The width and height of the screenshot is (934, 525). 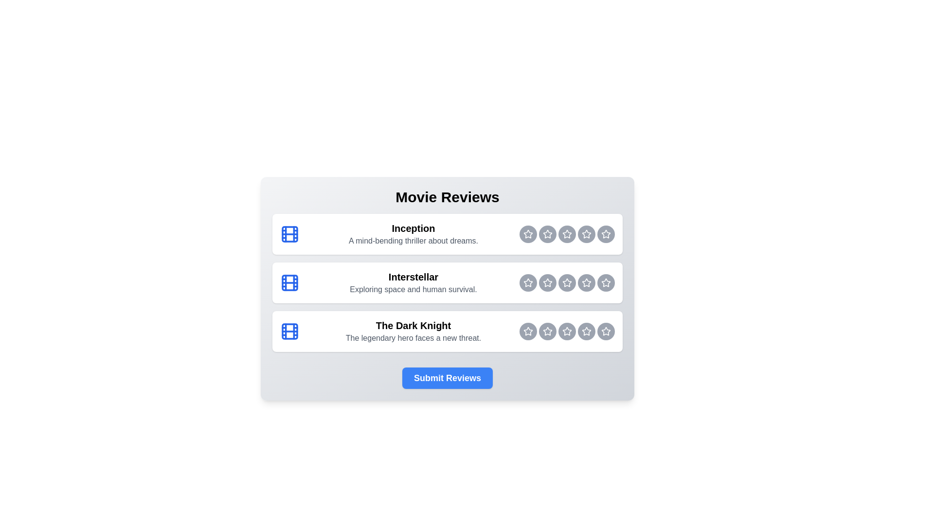 I want to click on the rating button for The Dark Knight at 5 stars, so click(x=606, y=331).